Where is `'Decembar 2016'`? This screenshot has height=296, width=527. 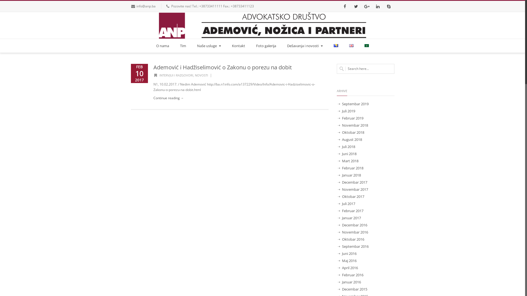
'Decembar 2016' is located at coordinates (353, 225).